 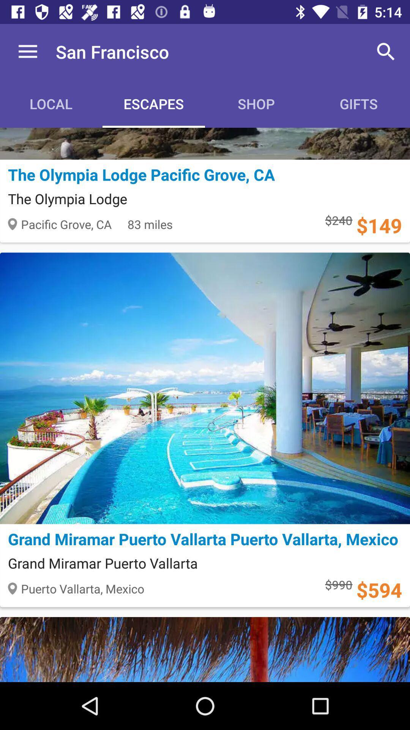 What do you see at coordinates (386, 51) in the screenshot?
I see `the item above gifts` at bounding box center [386, 51].